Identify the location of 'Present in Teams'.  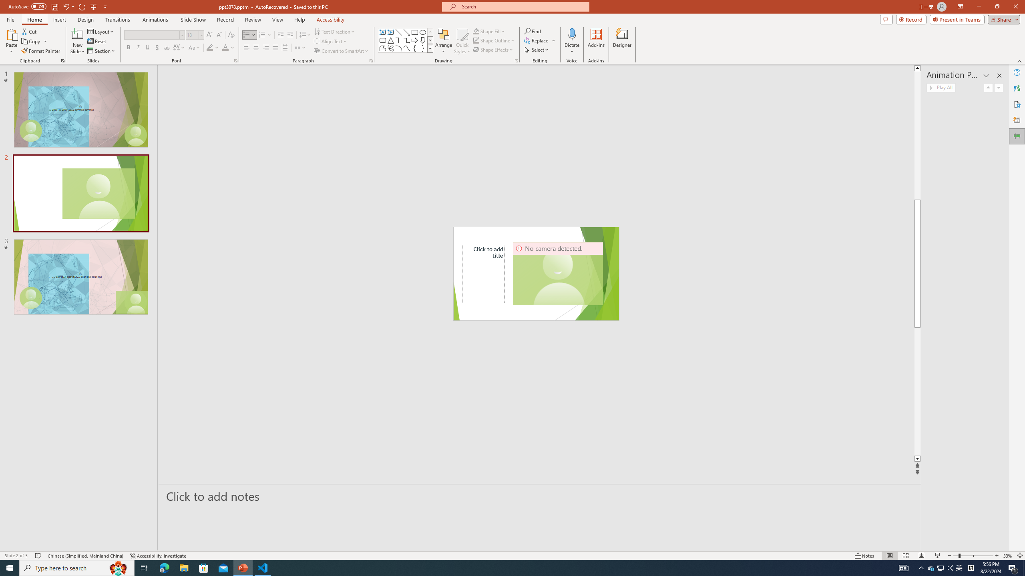
(957, 19).